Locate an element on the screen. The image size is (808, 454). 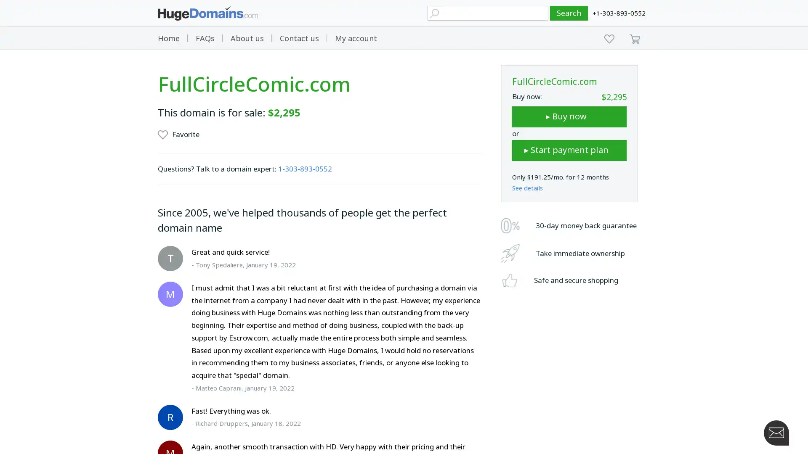
Search is located at coordinates (569, 13).